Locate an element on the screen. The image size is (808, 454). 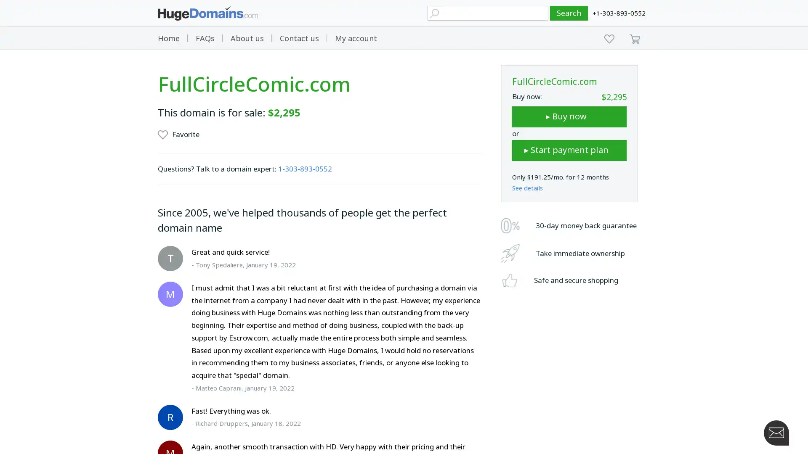
Search is located at coordinates (569, 13).